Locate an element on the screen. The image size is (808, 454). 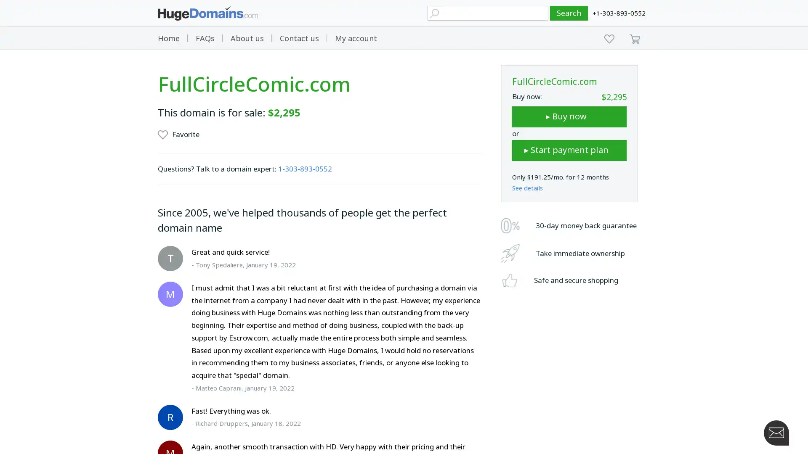
Search is located at coordinates (569, 13).